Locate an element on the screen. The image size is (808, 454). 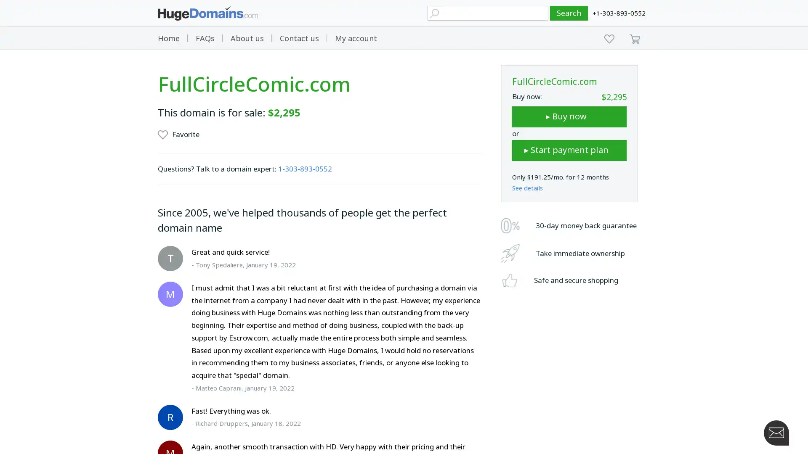
Search is located at coordinates (569, 13).